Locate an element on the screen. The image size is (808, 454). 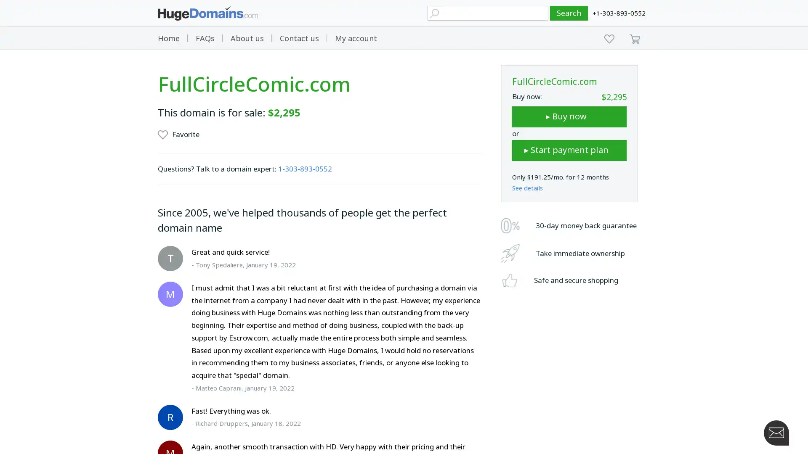
Search is located at coordinates (569, 13).